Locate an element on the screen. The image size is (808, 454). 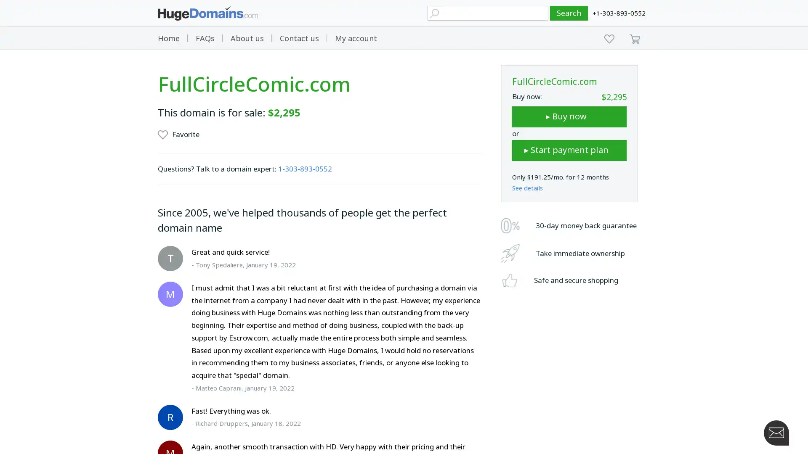
Search is located at coordinates (569, 13).